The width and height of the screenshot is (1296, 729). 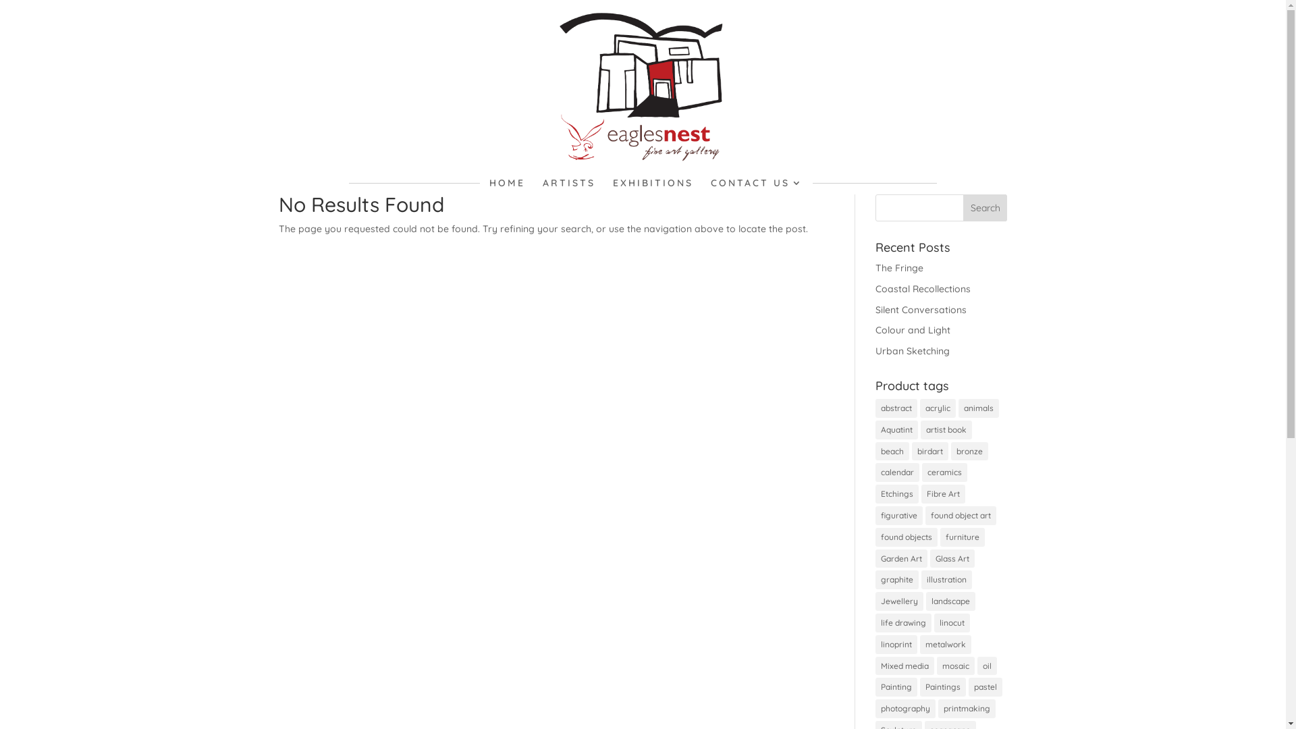 I want to click on 'ceramics', so click(x=921, y=471).